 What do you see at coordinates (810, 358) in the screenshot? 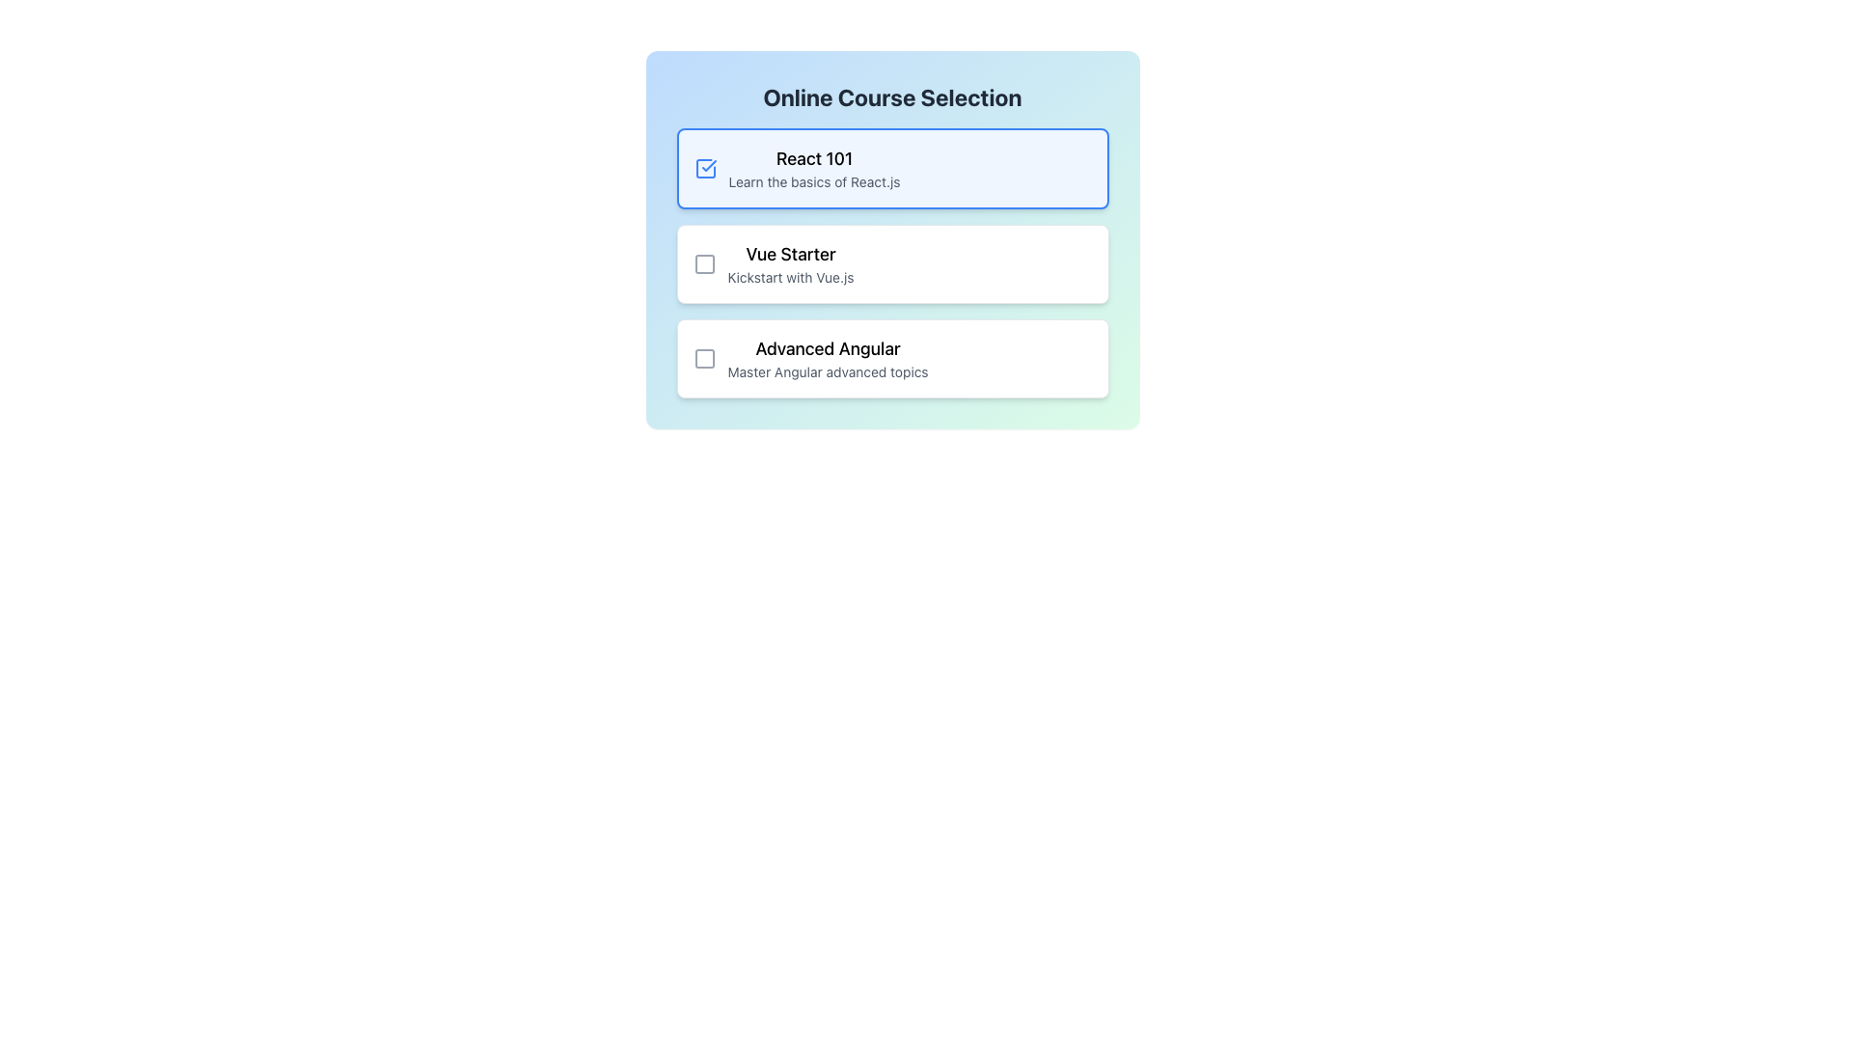
I see `the 'Advanced Angular' list item with the checkbox` at bounding box center [810, 358].